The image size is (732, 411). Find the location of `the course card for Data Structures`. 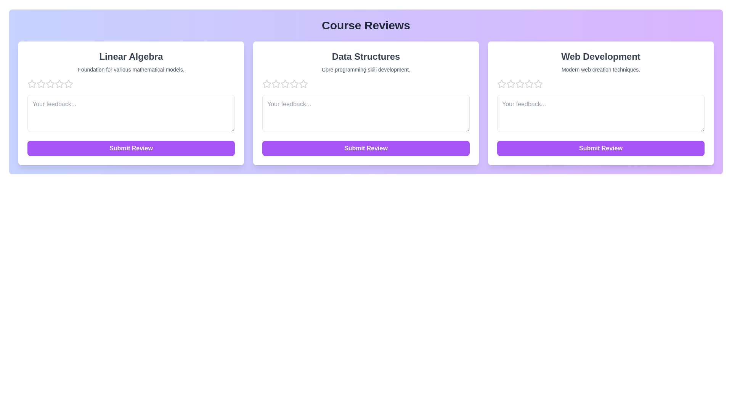

the course card for Data Structures is located at coordinates (366, 103).